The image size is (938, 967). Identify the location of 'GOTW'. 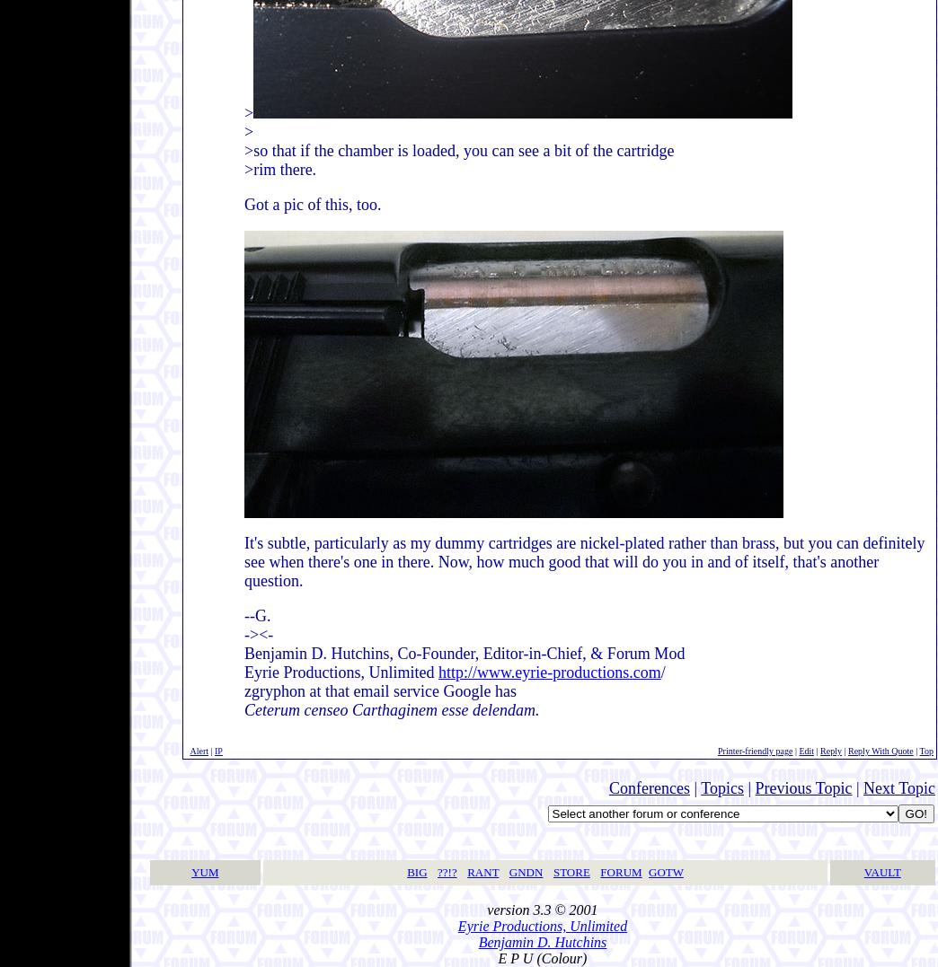
(649, 872).